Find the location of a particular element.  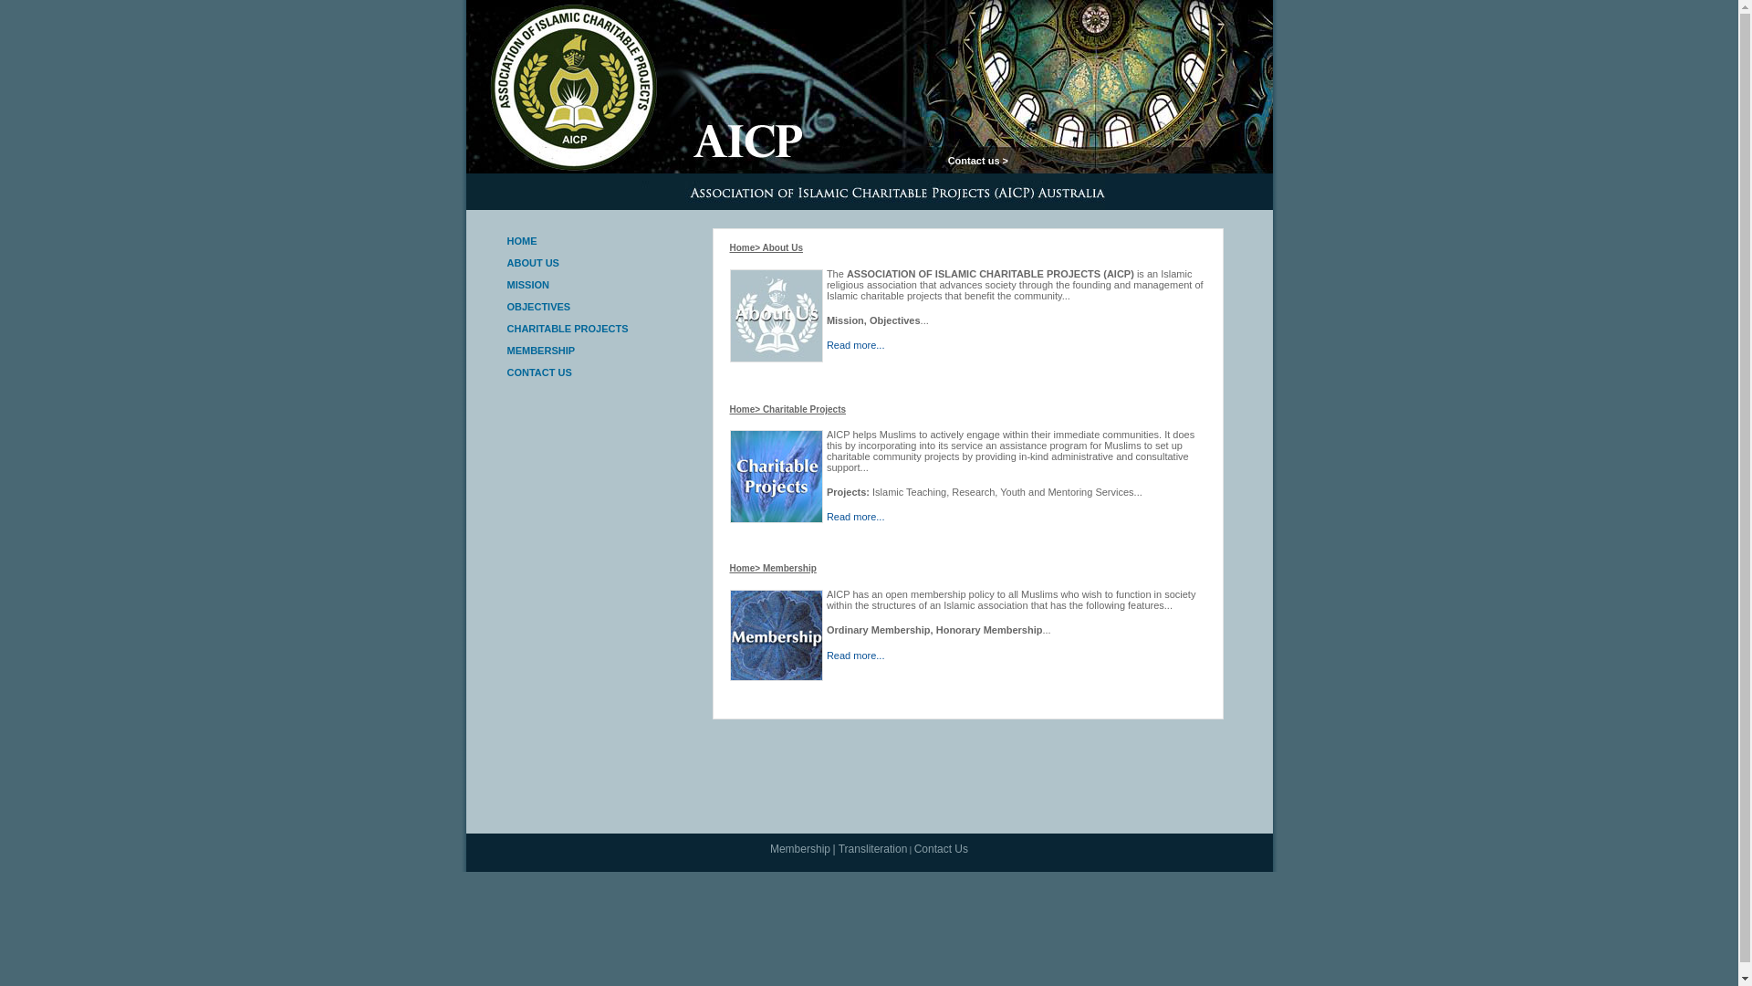

'MISSION' is located at coordinates (527, 285).